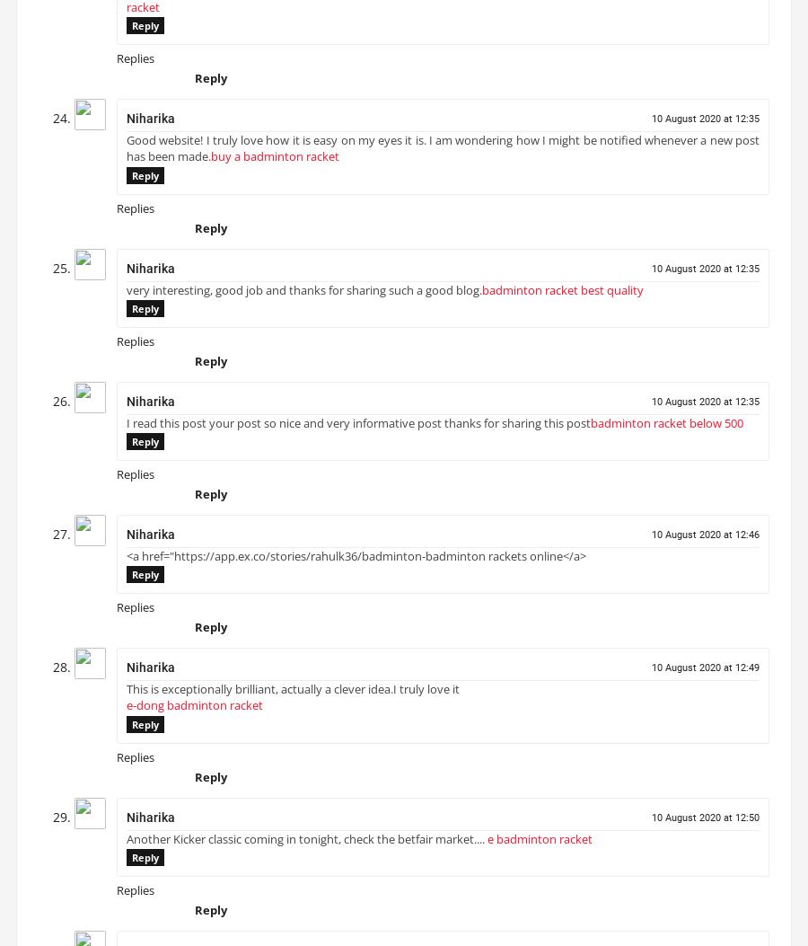  Describe the element at coordinates (127, 712) in the screenshot. I see `'e-dong badminton racket'` at that location.